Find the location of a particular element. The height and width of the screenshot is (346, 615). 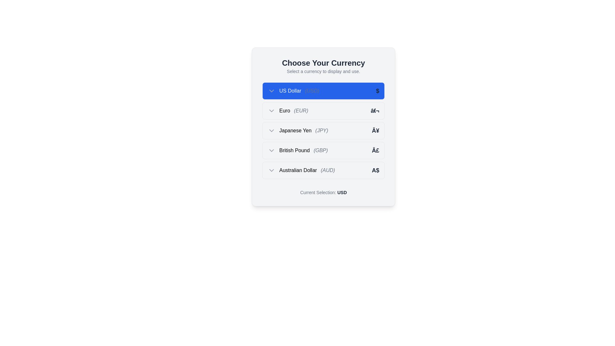

the text display element that shows 'Current Selection: USD', which is styled with a modern font and has 'USD' in bold and darker color, located below the currency selection list is located at coordinates (323, 192).